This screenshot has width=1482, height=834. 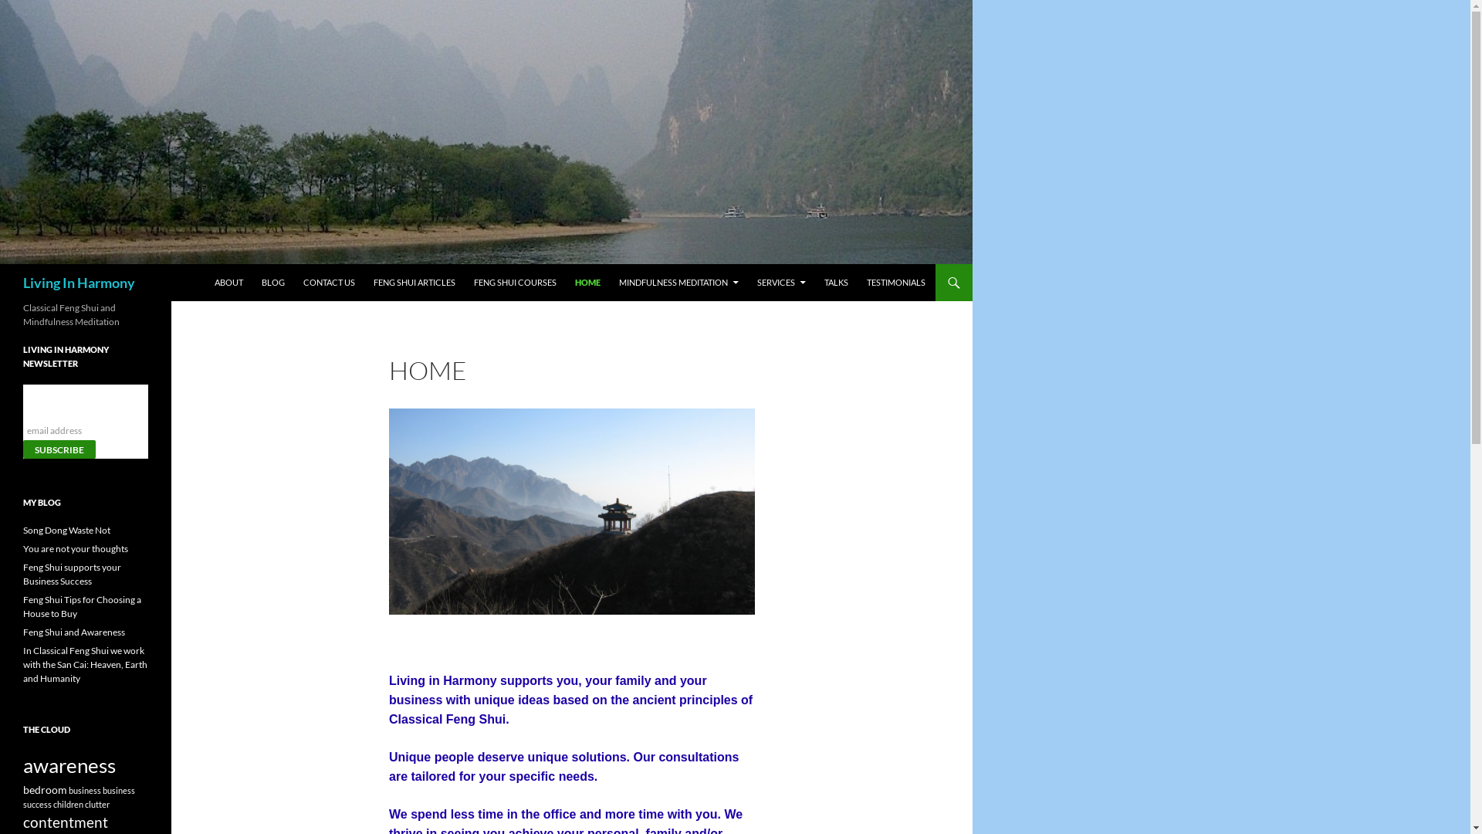 What do you see at coordinates (96, 803) in the screenshot?
I see `'clutter'` at bounding box center [96, 803].